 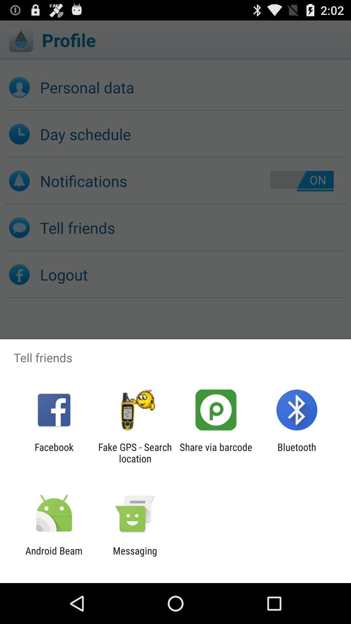 What do you see at coordinates (54, 556) in the screenshot?
I see `app to the left of messaging` at bounding box center [54, 556].